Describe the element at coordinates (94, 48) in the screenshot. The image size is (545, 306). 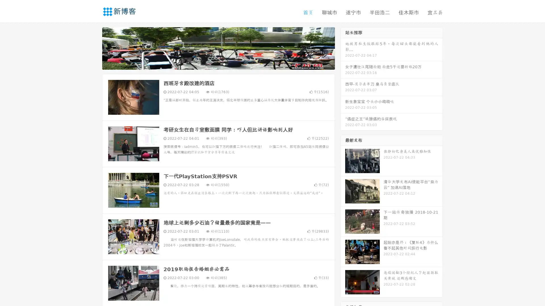
I see `Previous slide` at that location.